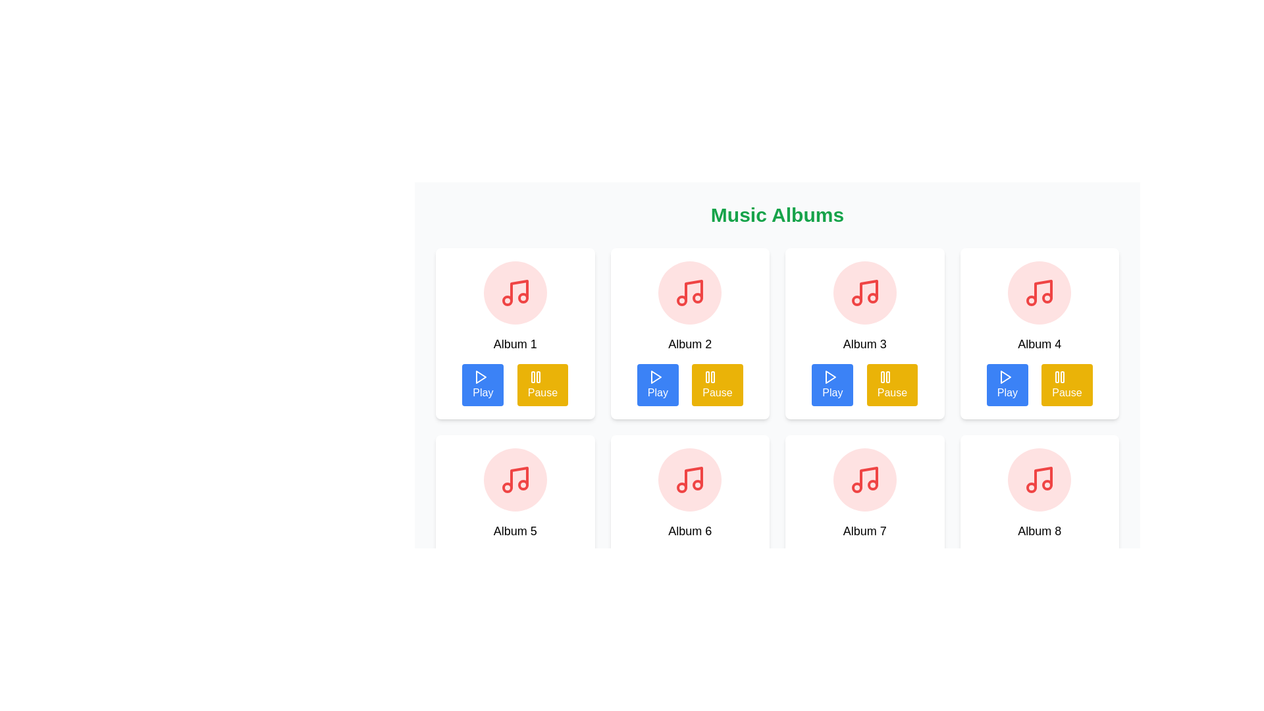  What do you see at coordinates (831, 385) in the screenshot?
I see `the blue rectangular 'Play' button with rounded corners located under the 'Album 3' section` at bounding box center [831, 385].